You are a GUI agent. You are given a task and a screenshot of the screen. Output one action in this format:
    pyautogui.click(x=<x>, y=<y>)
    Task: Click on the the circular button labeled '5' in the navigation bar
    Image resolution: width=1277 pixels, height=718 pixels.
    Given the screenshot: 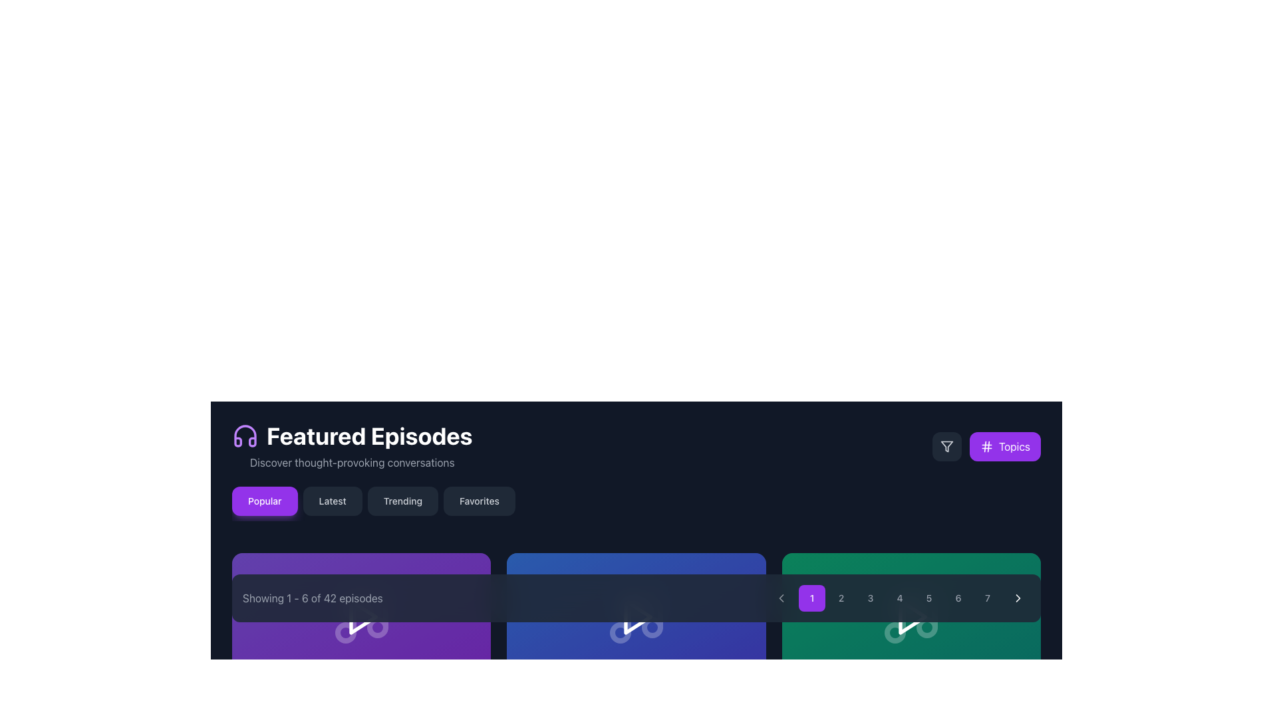 What is the action you would take?
    pyautogui.click(x=928, y=597)
    